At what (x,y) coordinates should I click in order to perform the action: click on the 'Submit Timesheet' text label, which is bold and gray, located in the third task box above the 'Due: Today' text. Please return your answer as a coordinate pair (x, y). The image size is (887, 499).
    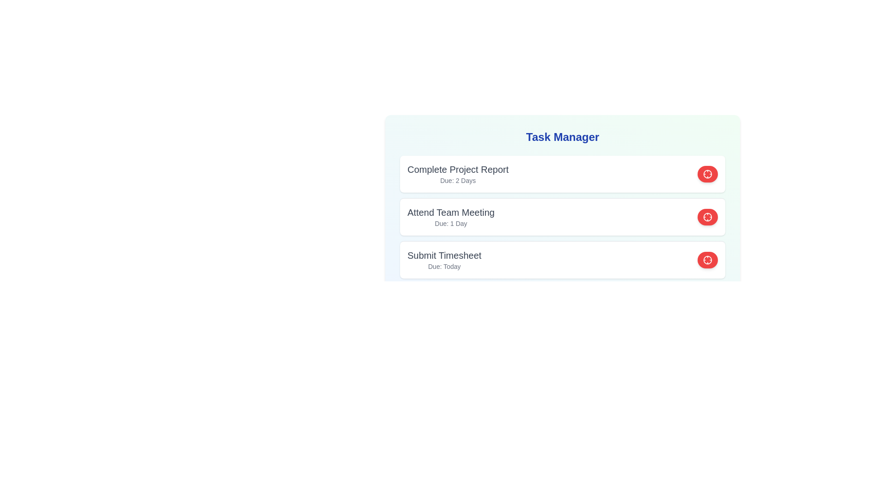
    Looking at the image, I should click on (444, 255).